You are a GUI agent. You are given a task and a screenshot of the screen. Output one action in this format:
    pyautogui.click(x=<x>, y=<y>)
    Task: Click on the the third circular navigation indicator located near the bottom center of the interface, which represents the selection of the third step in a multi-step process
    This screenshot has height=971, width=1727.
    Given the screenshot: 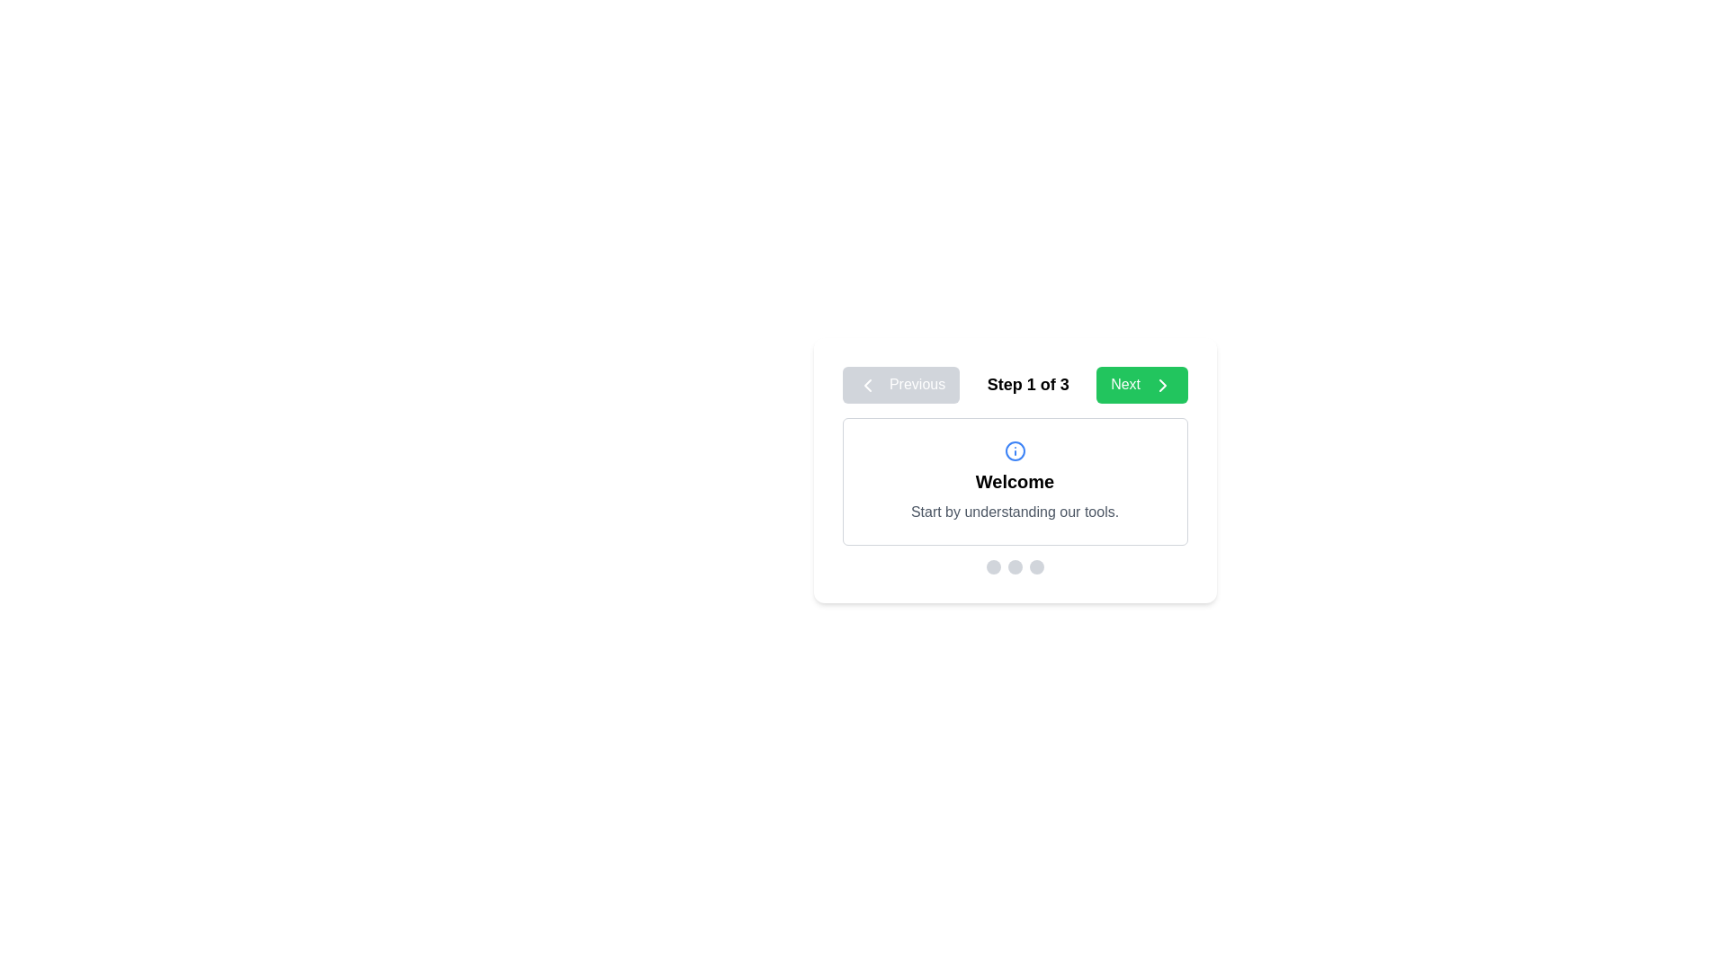 What is the action you would take?
    pyautogui.click(x=1036, y=566)
    